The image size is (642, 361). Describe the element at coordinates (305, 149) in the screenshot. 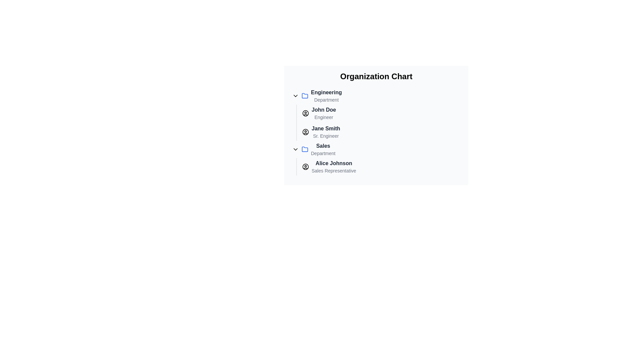

I see `the blue folder icon representing the Sales Department` at that location.